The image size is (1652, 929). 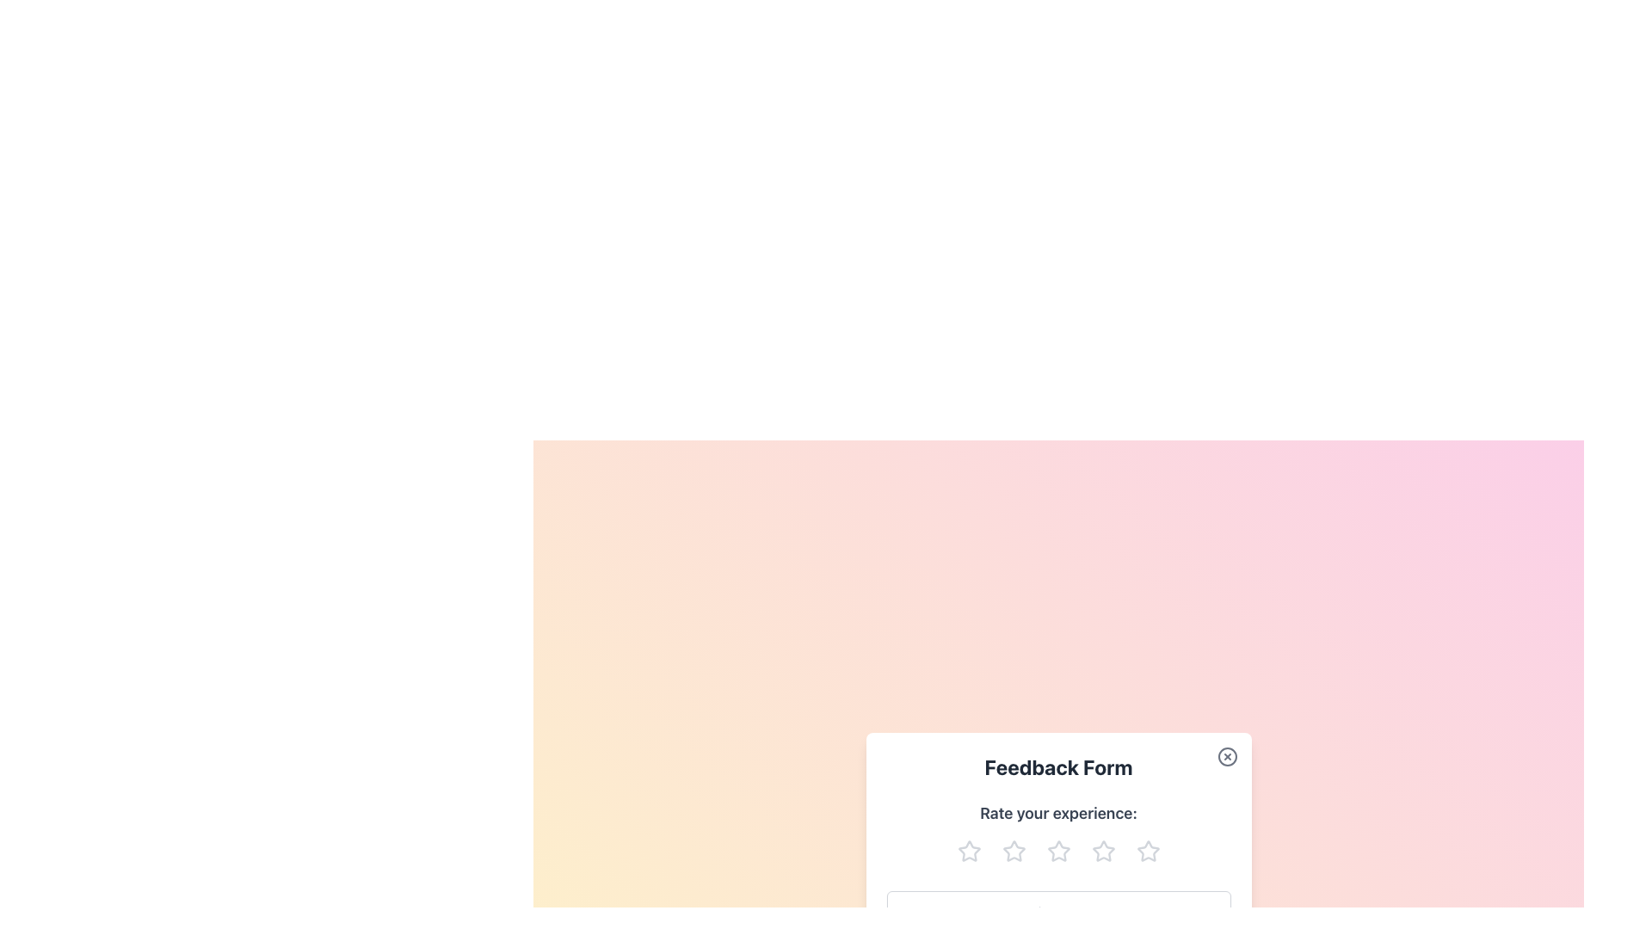 I want to click on the fifth star icon in the rating component located below the text 'Rate your experience:' for visual feedback, so click(x=1148, y=850).